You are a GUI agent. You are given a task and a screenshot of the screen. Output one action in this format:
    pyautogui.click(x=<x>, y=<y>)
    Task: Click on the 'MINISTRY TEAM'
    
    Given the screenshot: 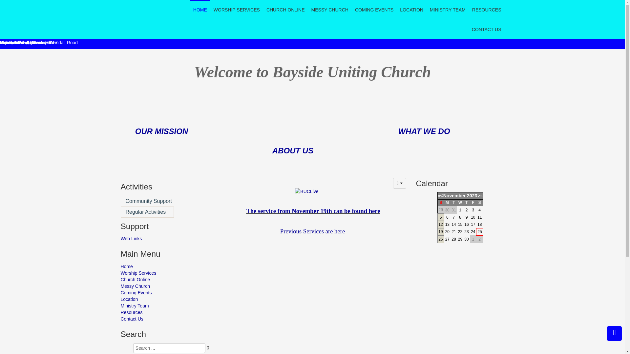 What is the action you would take?
    pyautogui.click(x=447, y=10)
    